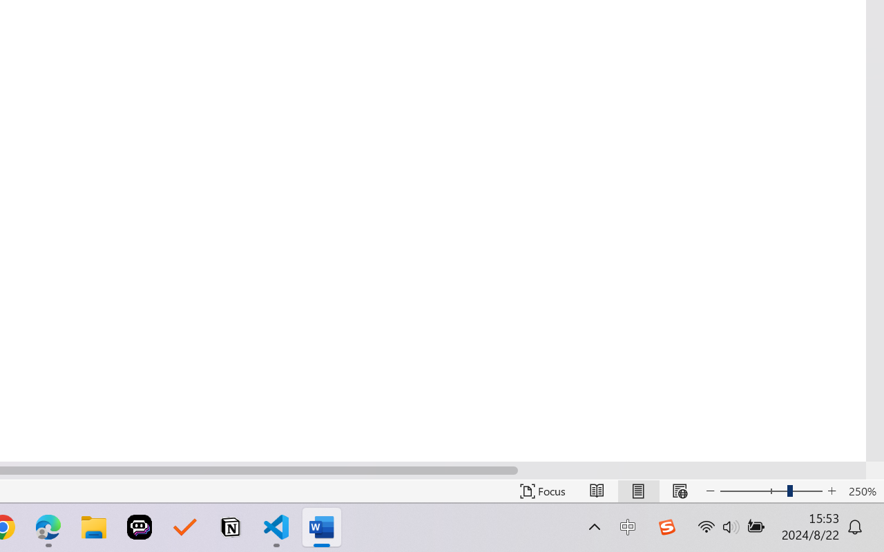 This screenshot has height=552, width=884. Describe the element at coordinates (832, 491) in the screenshot. I see `'Zoom In'` at that location.